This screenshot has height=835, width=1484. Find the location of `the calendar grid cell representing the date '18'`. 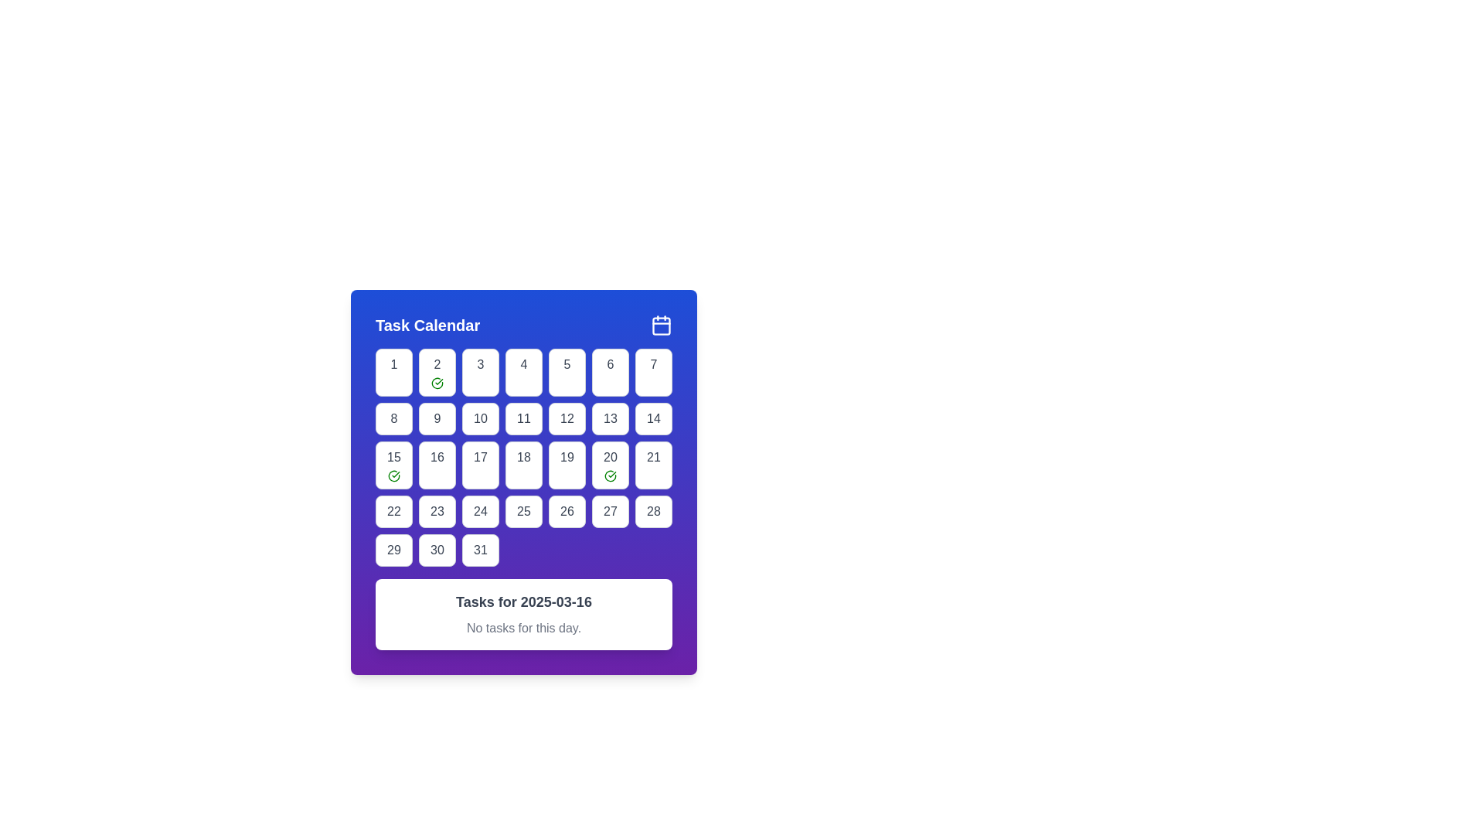

the calendar grid cell representing the date '18' is located at coordinates (523, 456).